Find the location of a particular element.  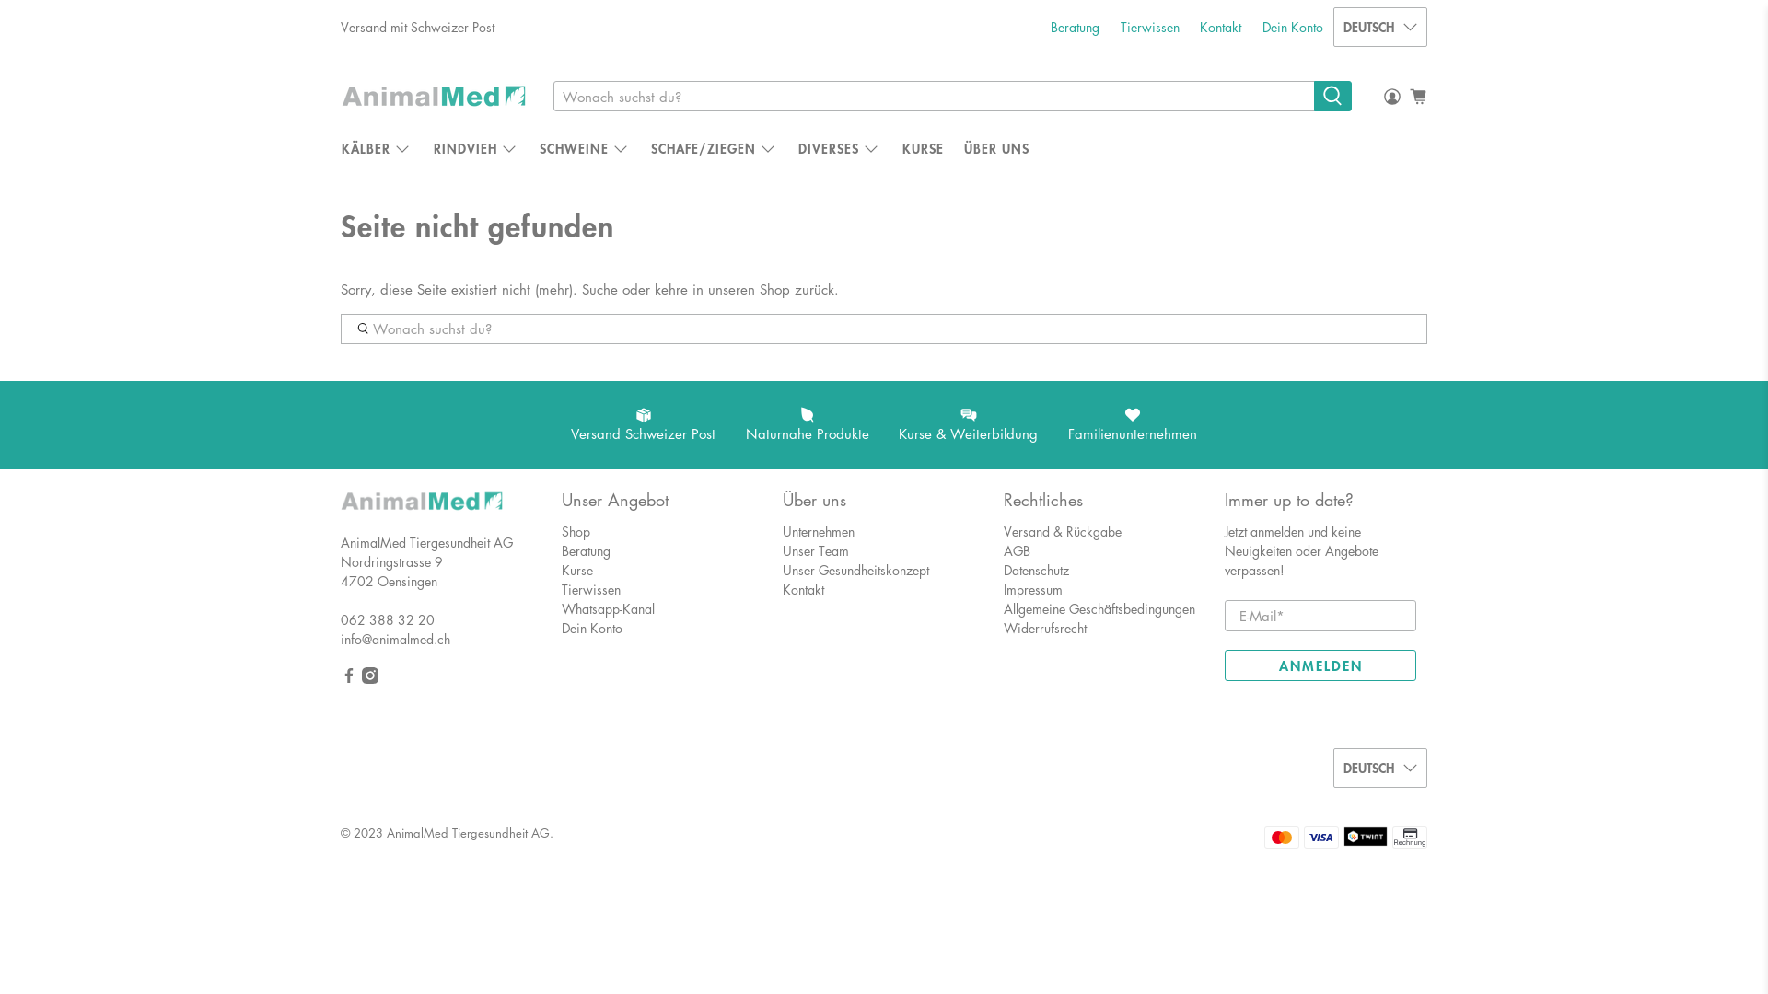

'Widerrufsrecht' is located at coordinates (1044, 627).